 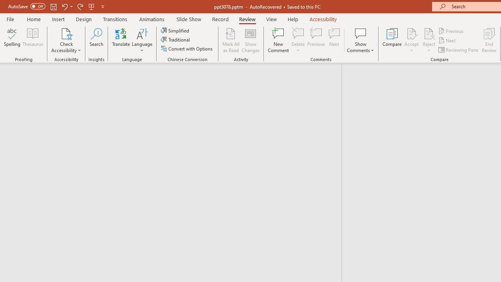 I want to click on 'Thesaurus...', so click(x=32, y=40).